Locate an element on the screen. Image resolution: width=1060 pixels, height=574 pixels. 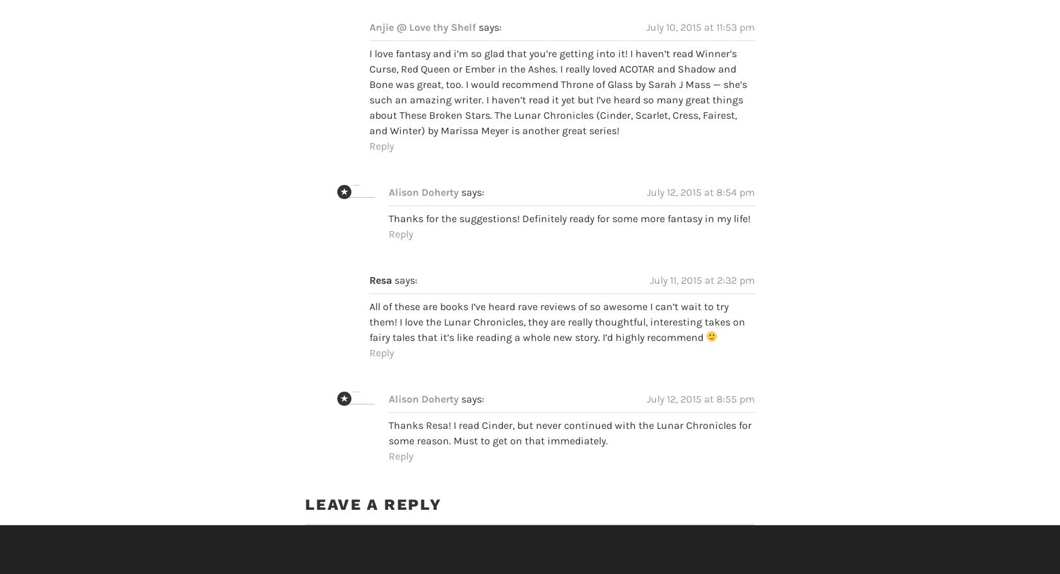
'I love fantasy and i’m so glad that you’re getting into it! I haven’t read Winner’s Curse, Red Queen or Ember in the Ashes. I really loved ACOTAR and Shadow and Bone was great, too. I would recommend Throne of Glass by Sarah J Mass — she’s such an amazing writer. I haven’t read it yet but I’ve heard so many great things about These Broken Stars. The Lunar Chronicles (Cinder, Scarlet, Cress, Fairest, and Winter) by Marissa Meyer is another great series!' is located at coordinates (369, 67).